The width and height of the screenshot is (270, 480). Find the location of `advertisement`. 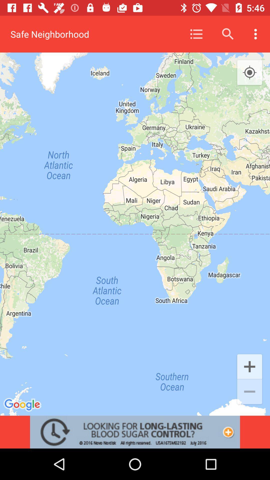

advertisement is located at coordinates (135, 432).